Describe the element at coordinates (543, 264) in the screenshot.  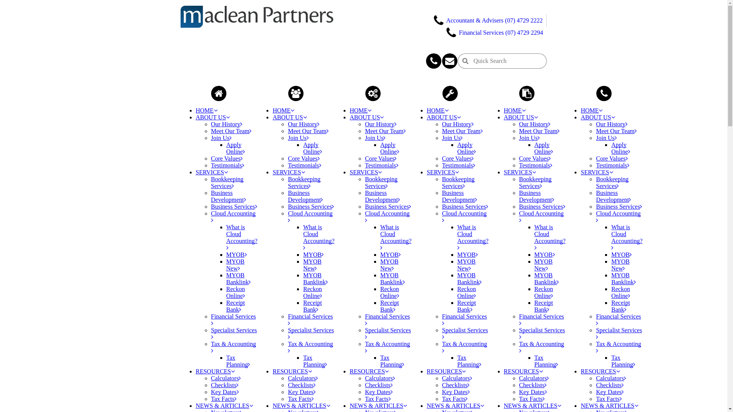
I see `'MYOB New'` at that location.